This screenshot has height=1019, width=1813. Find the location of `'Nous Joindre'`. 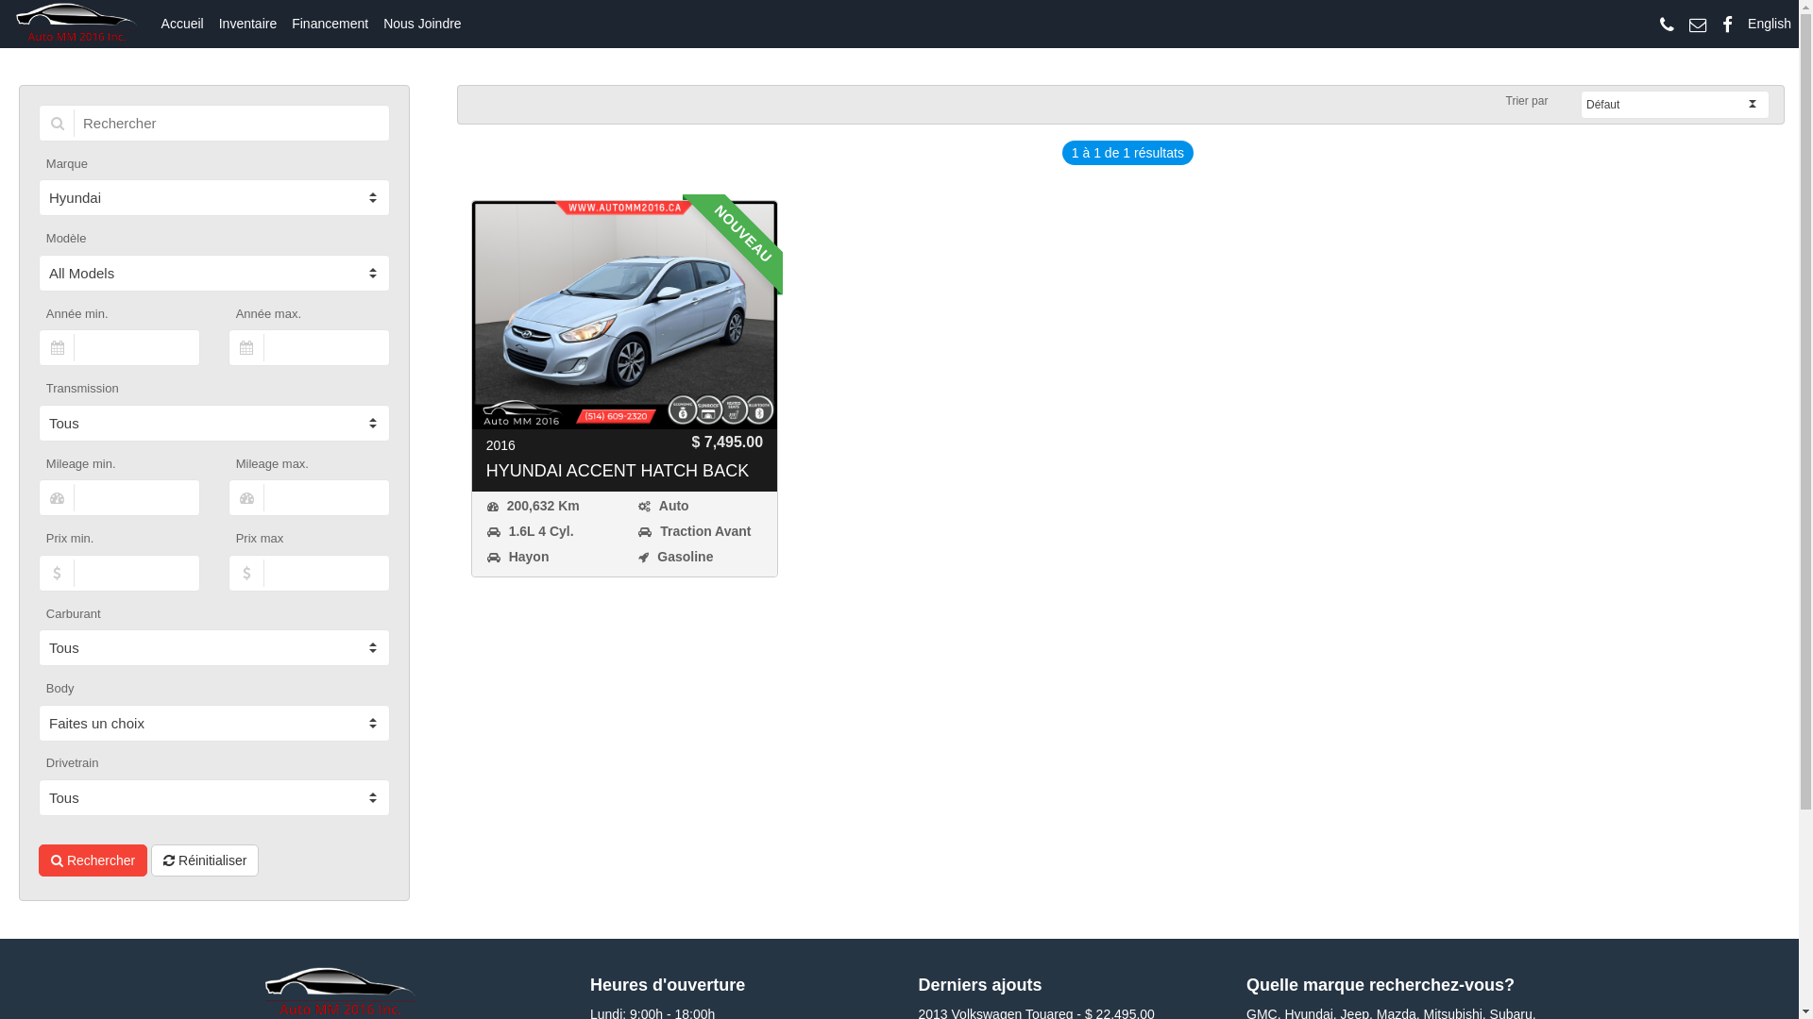

'Nous Joindre' is located at coordinates (421, 23).